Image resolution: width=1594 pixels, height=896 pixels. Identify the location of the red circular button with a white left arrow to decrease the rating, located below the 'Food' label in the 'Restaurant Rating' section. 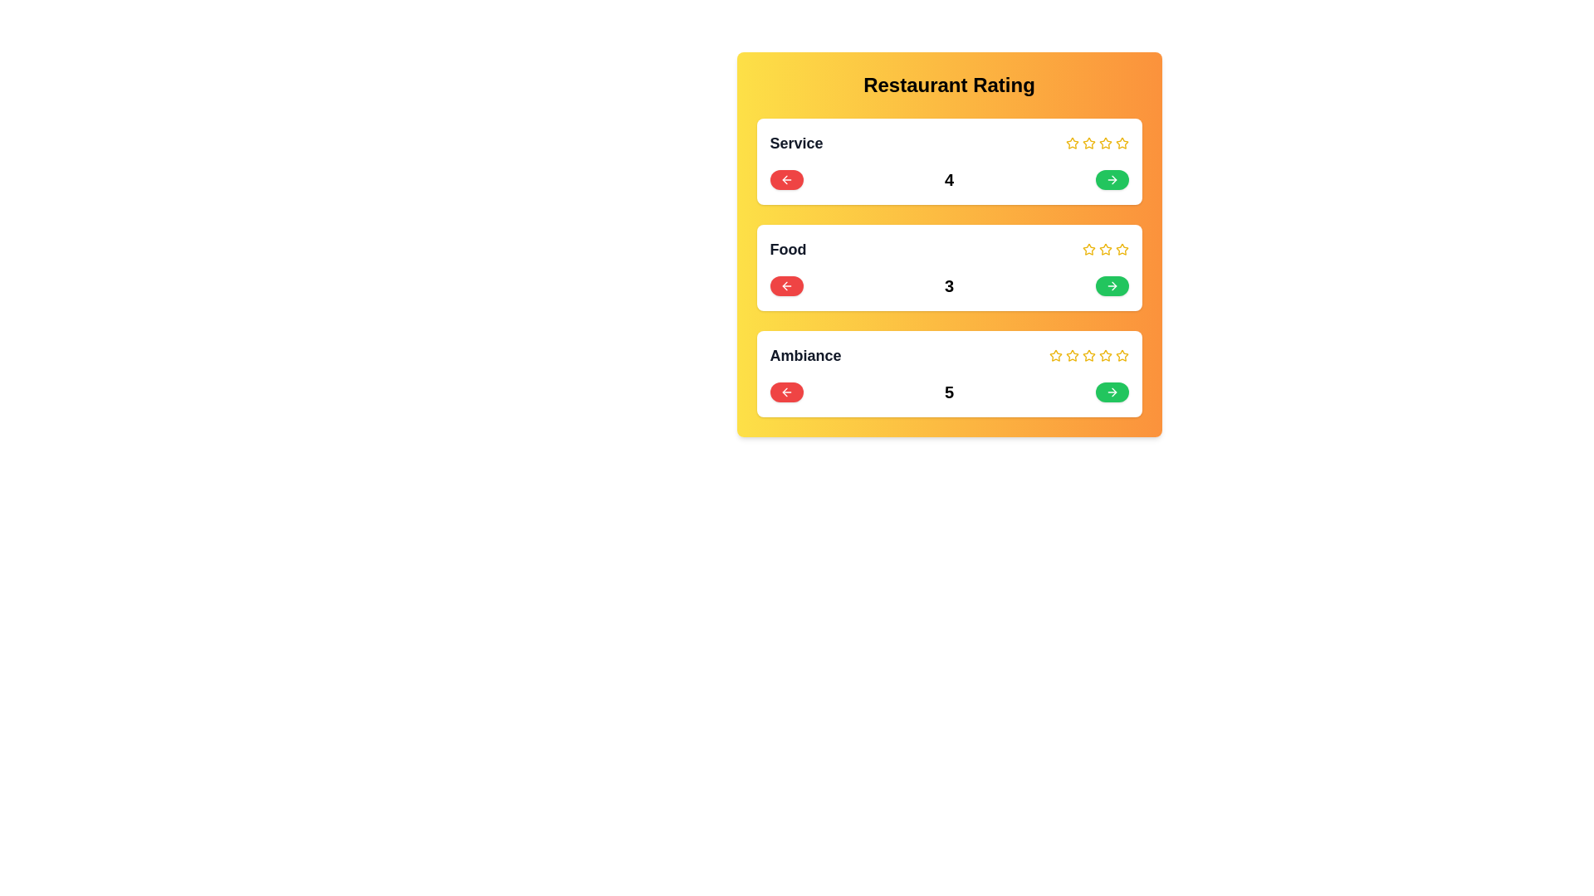
(785, 285).